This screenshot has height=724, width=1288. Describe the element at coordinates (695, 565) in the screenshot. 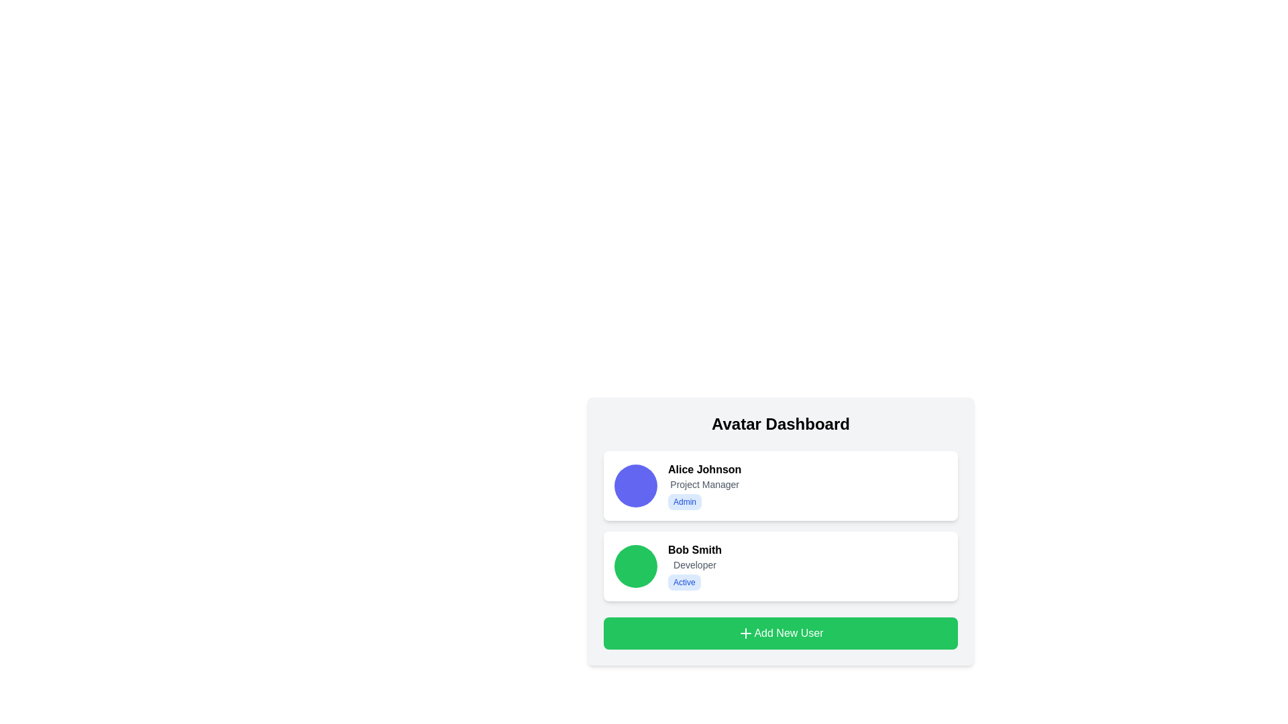

I see `the static text label indicating the user role 'Developer', which is centrally positioned below 'Bob Smith' and above the 'Active' label within the user information card` at that location.